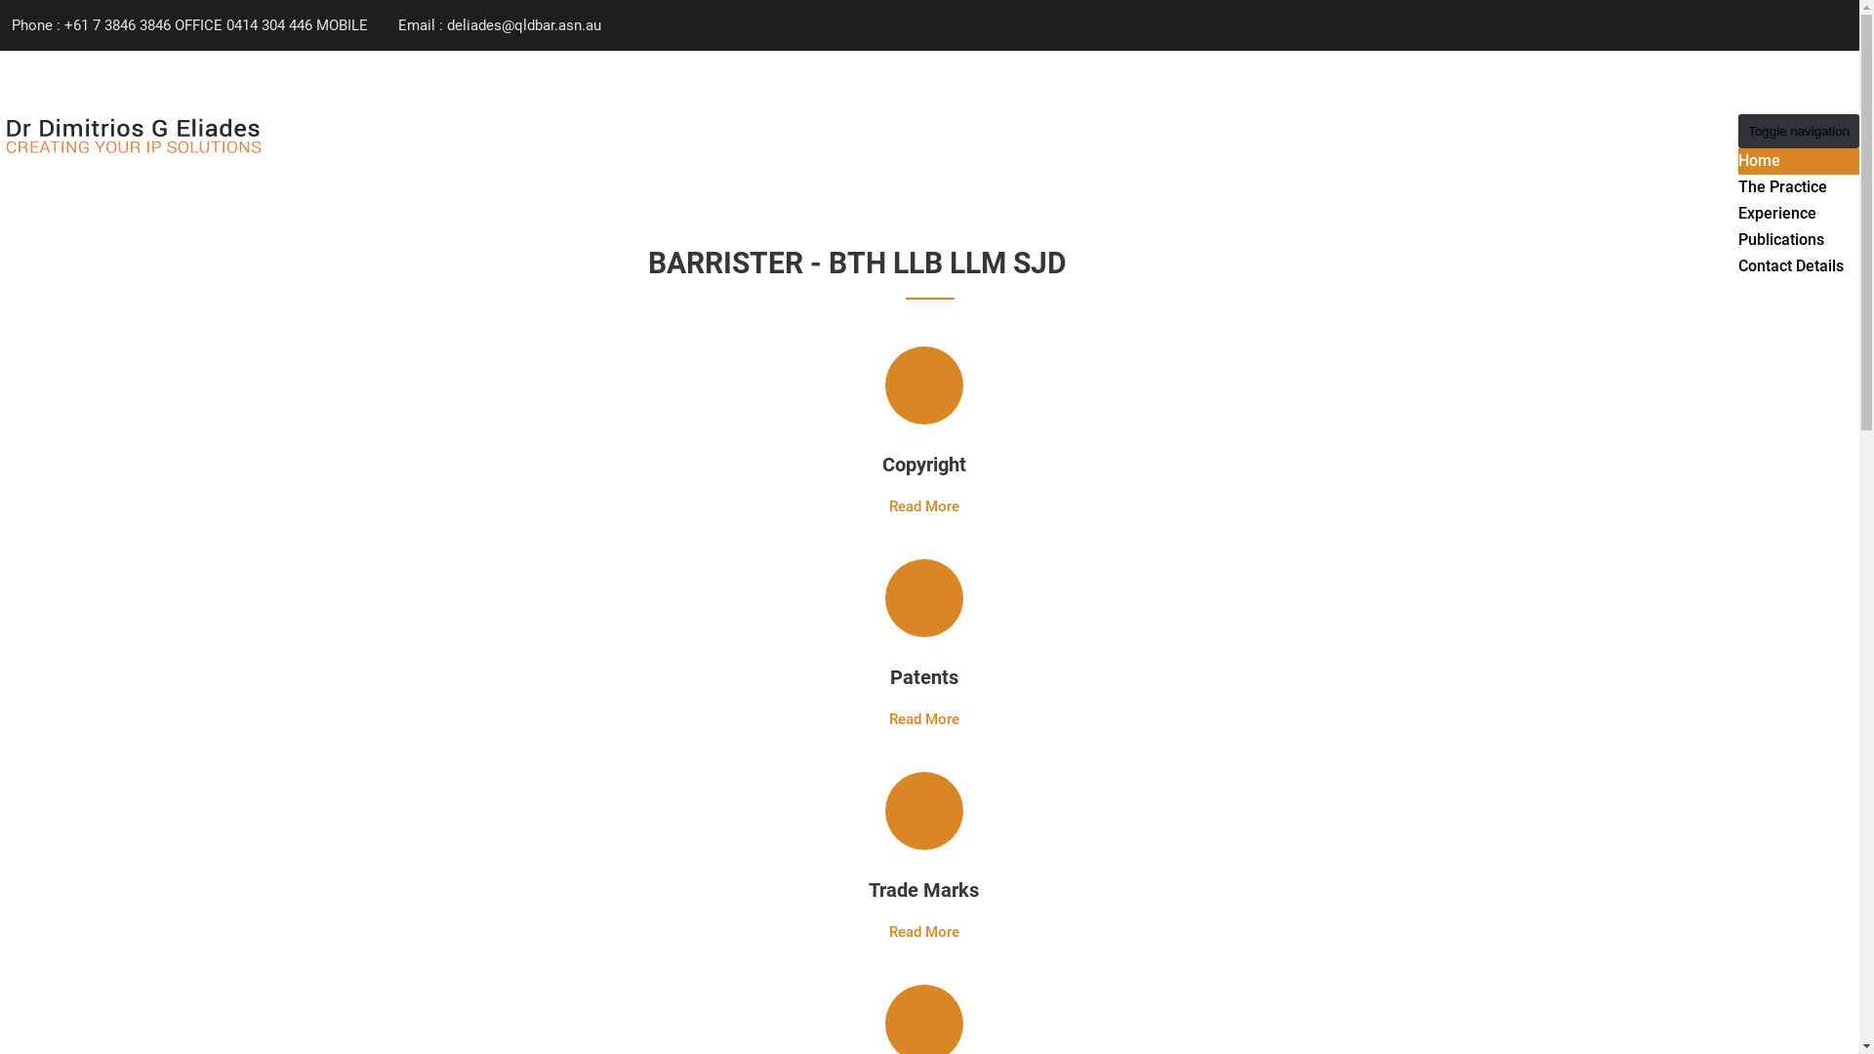 This screenshot has height=1054, width=1874. I want to click on 'Home', so click(1759, 159).